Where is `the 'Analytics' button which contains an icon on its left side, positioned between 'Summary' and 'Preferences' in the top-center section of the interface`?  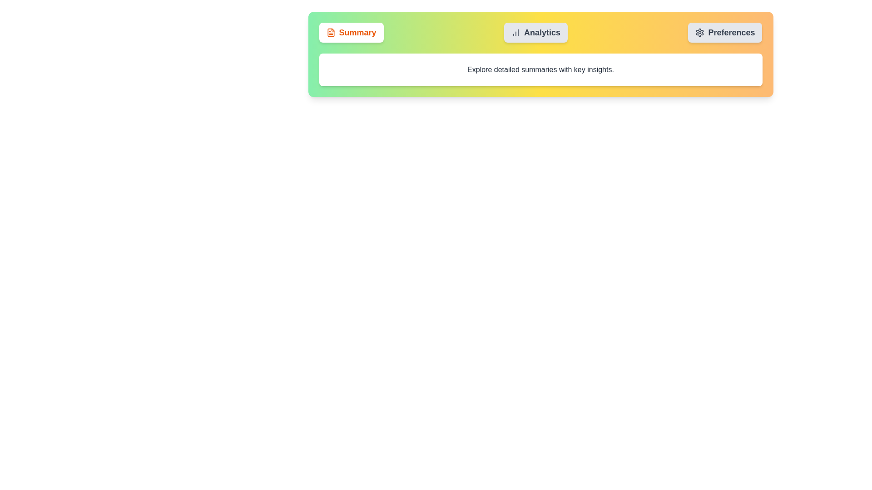
the 'Analytics' button which contains an icon on its left side, positioned between 'Summary' and 'Preferences' in the top-center section of the interface is located at coordinates (515, 32).